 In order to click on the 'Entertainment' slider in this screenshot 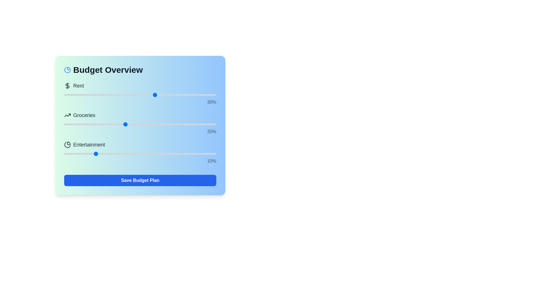, I will do `click(134, 154)`.